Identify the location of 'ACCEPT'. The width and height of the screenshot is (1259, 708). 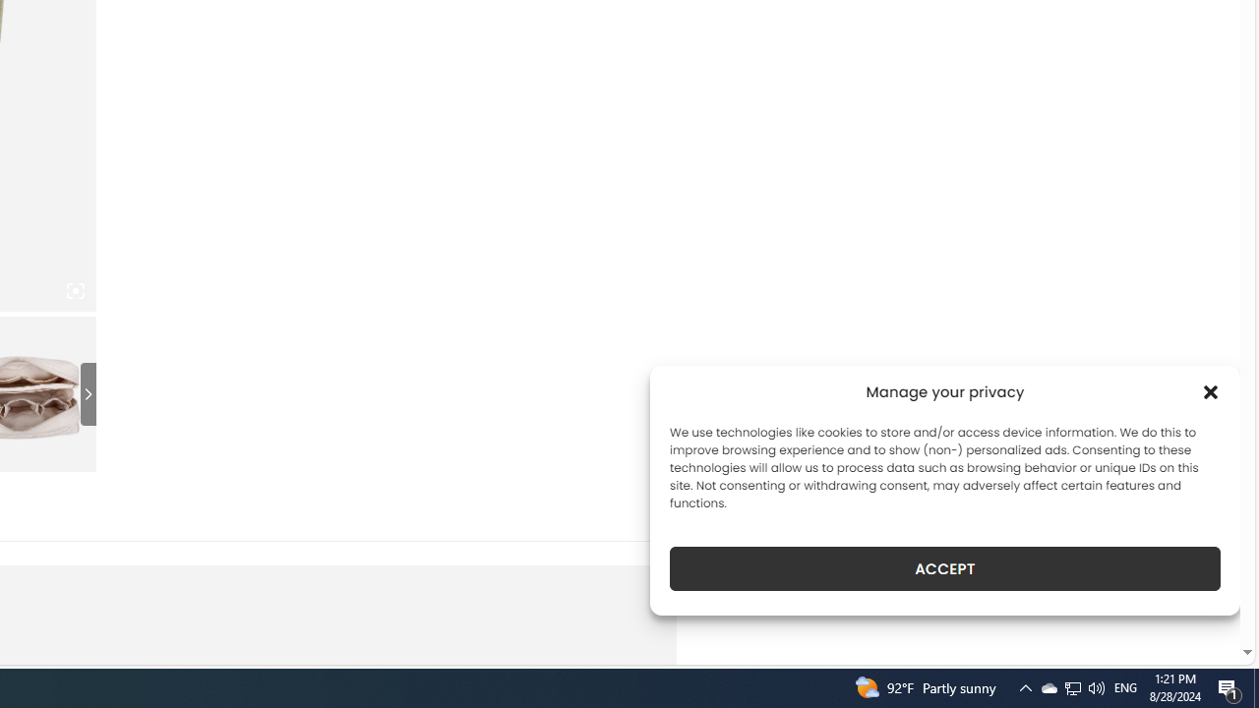
(945, 568).